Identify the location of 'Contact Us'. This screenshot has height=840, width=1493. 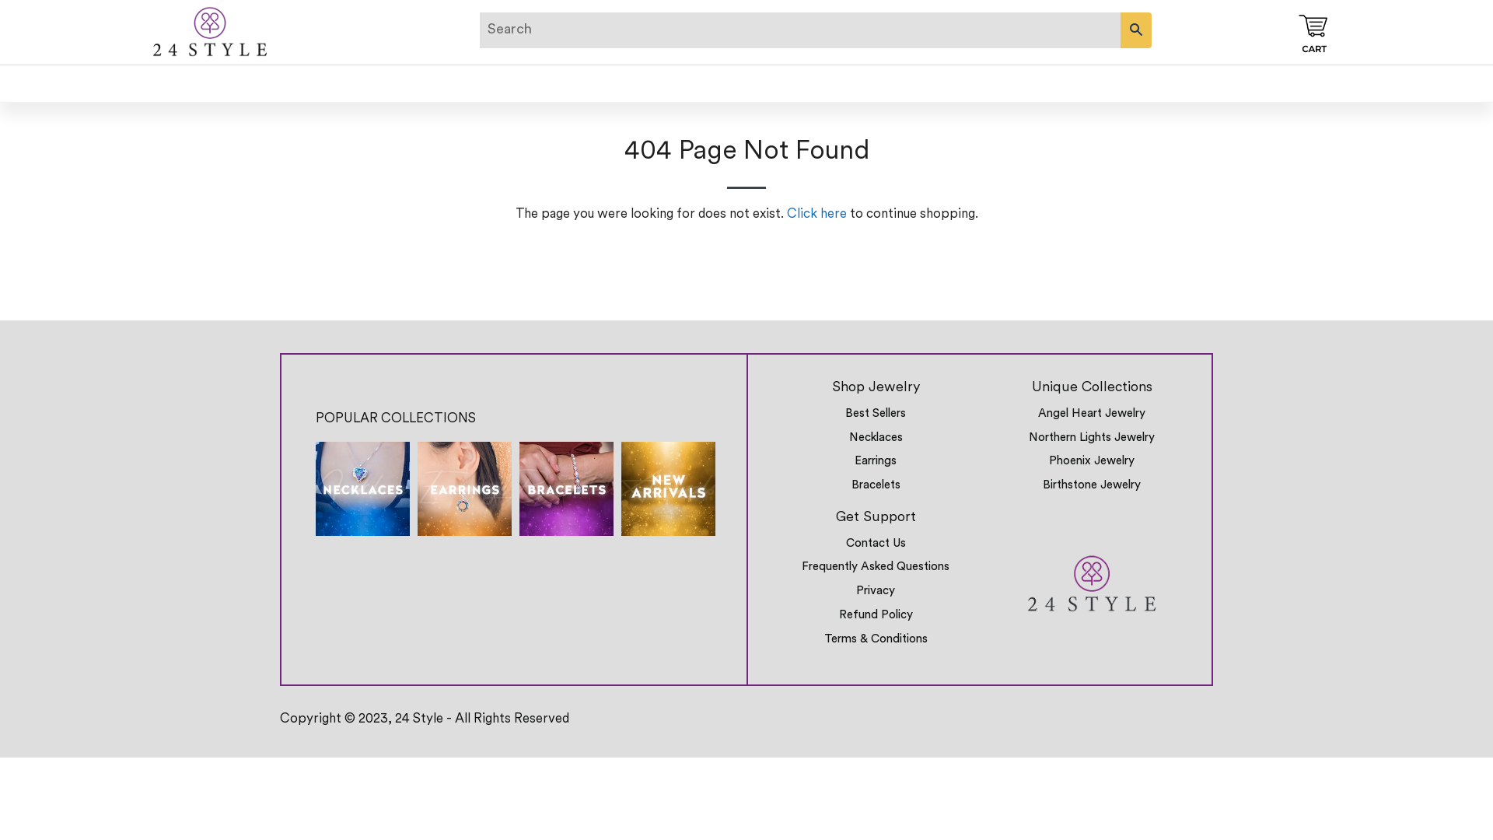
(876, 543).